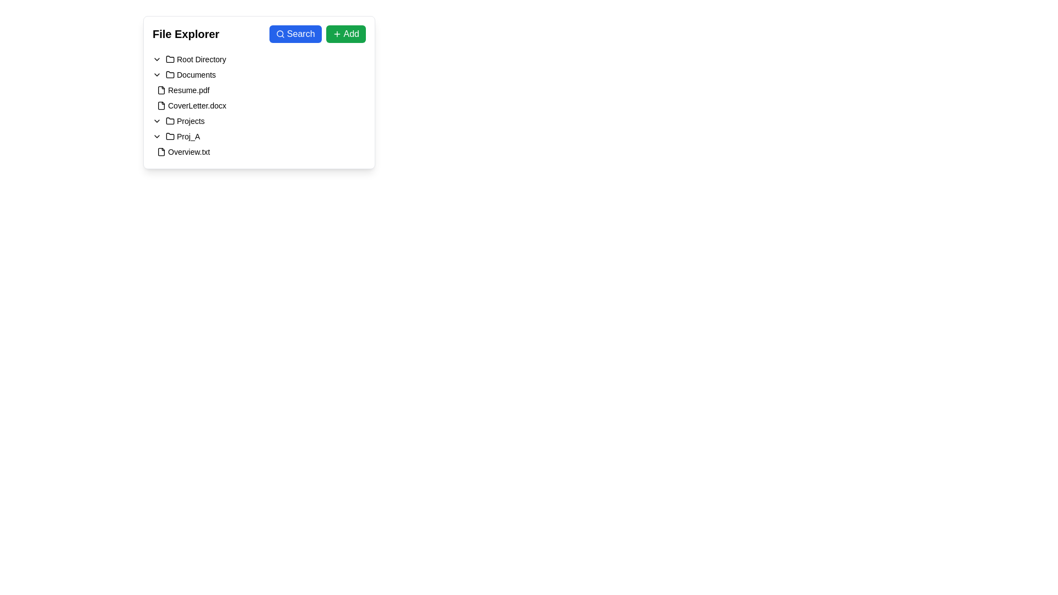  Describe the element at coordinates (258, 121) in the screenshot. I see `the Folder item in the file explorer interface located under 'Root Directory'` at that location.